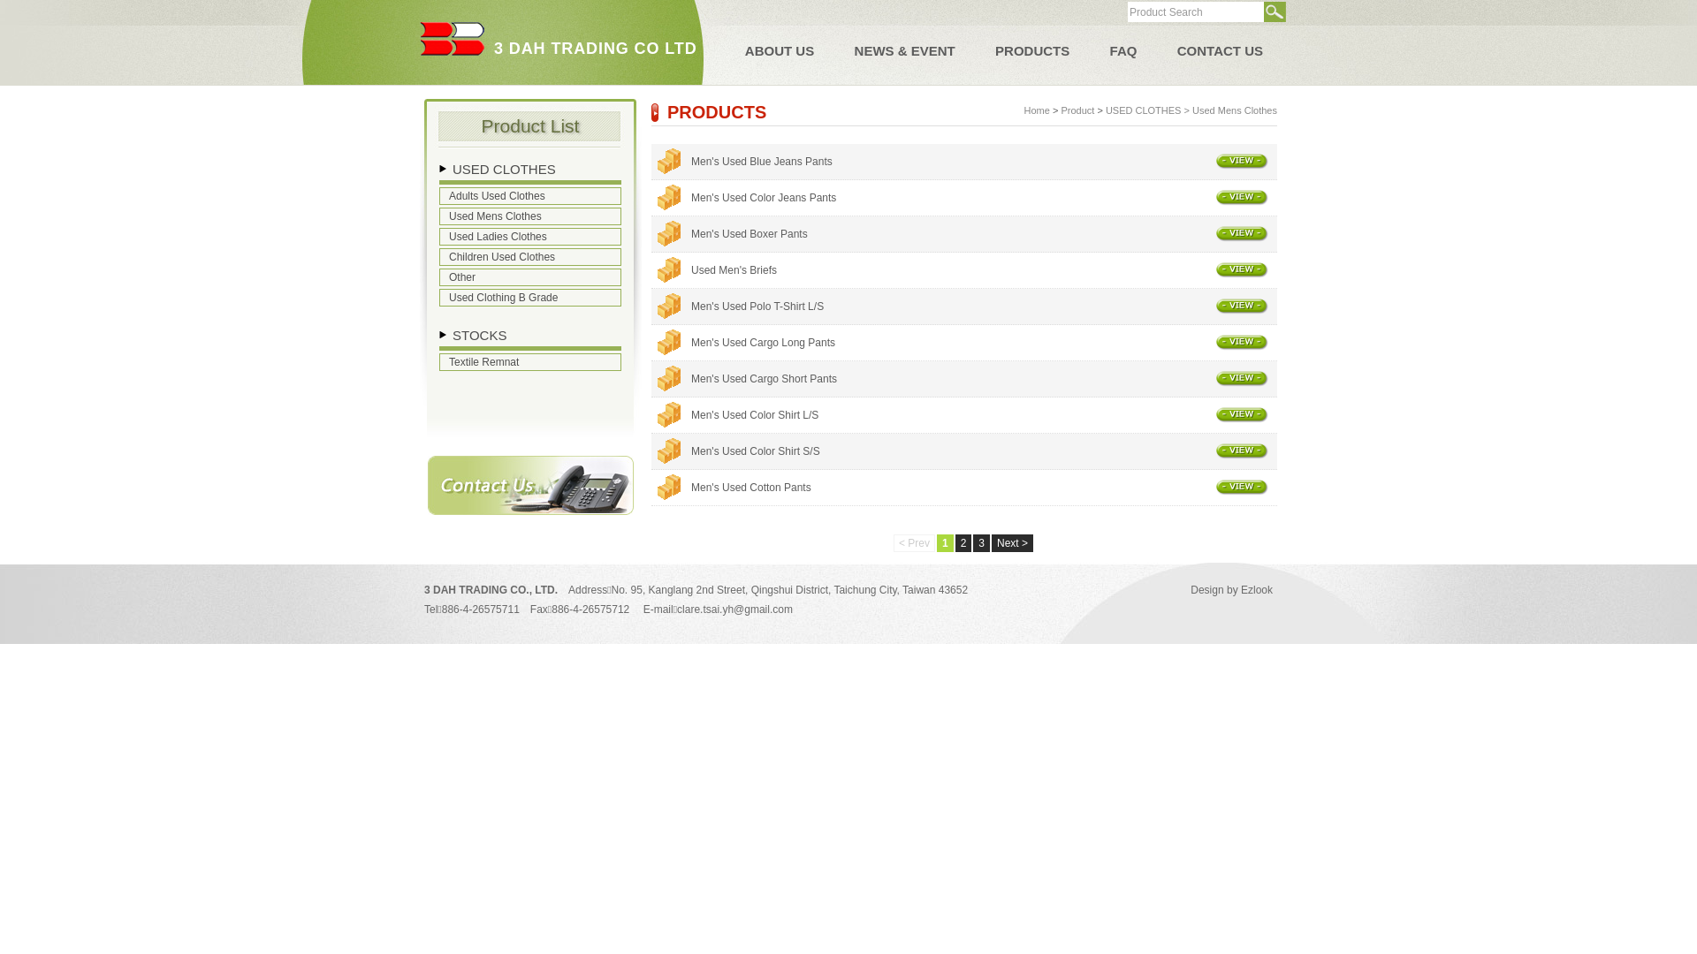  What do you see at coordinates (734, 609) in the screenshot?
I see `'clare.tsai.yh@gmail.com'` at bounding box center [734, 609].